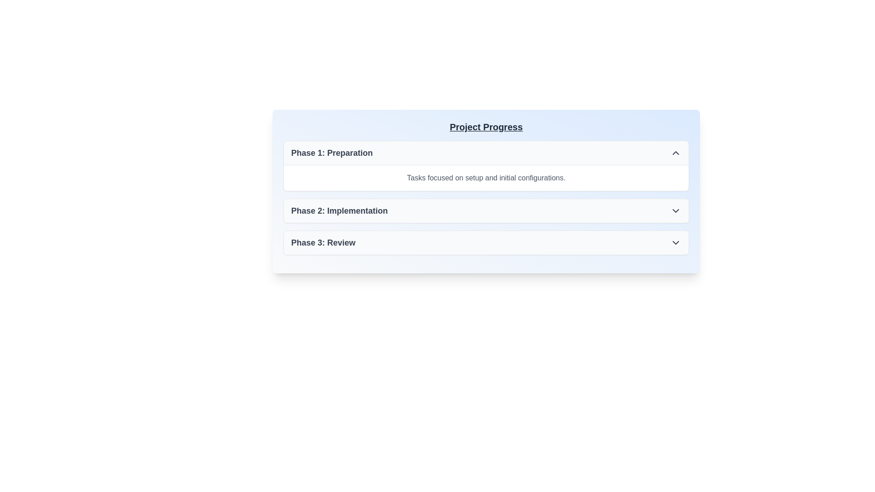  I want to click on the dropdown indicator icon located in the rightmost section of 'Phase 2: Implementation', so click(676, 210).